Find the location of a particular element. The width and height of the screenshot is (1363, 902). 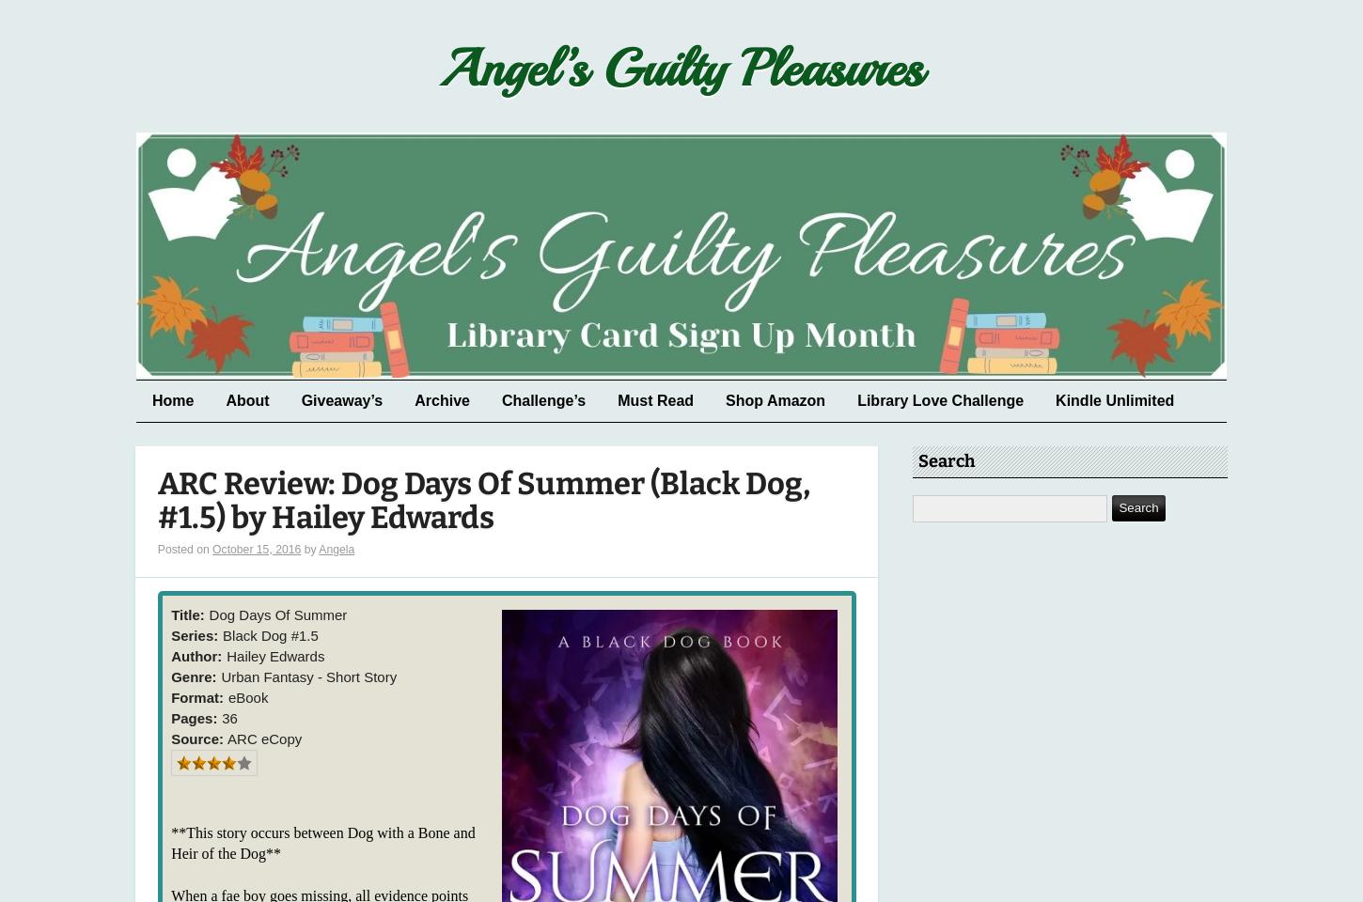

'Angela' is located at coordinates (337, 548).